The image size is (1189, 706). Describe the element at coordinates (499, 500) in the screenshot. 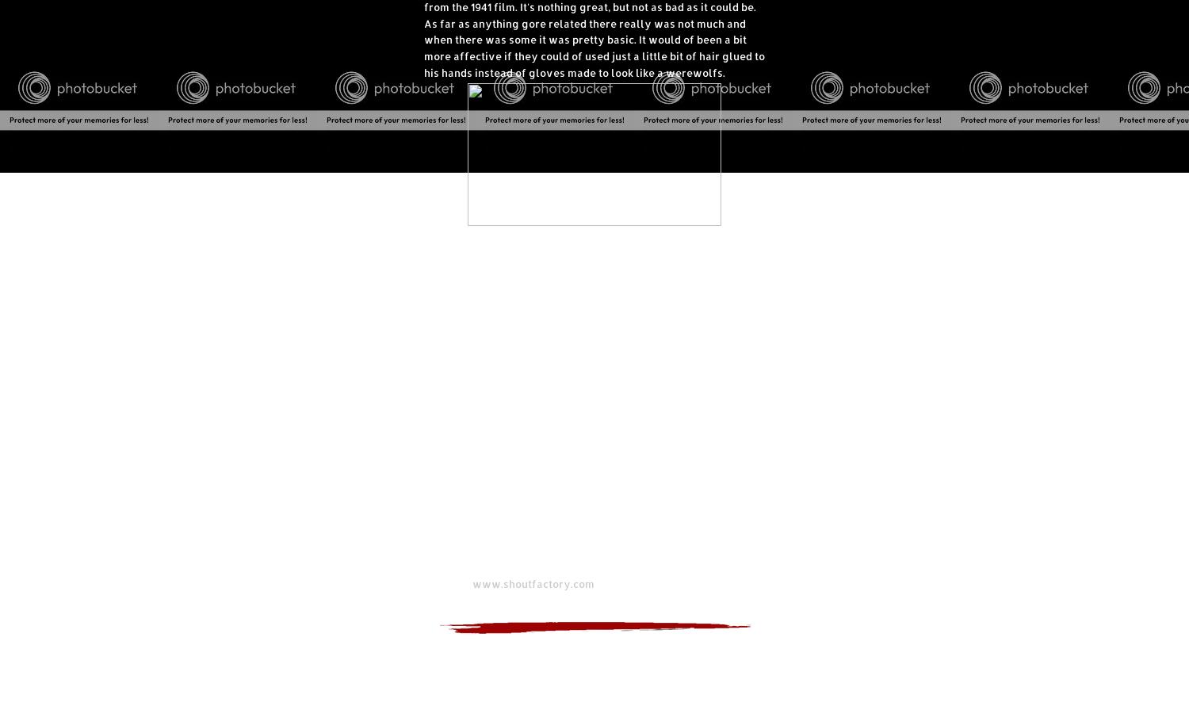

I see `'Theatrical Release Year: 1973'` at that location.